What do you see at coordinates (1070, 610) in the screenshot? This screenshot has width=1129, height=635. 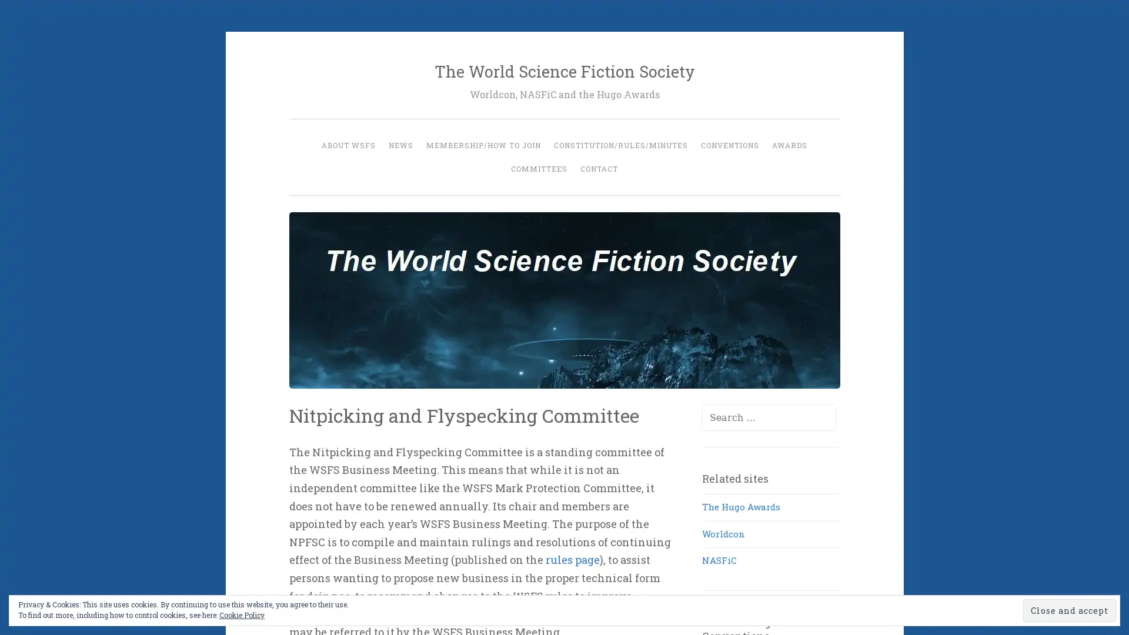 I see `Close and accept` at bounding box center [1070, 610].